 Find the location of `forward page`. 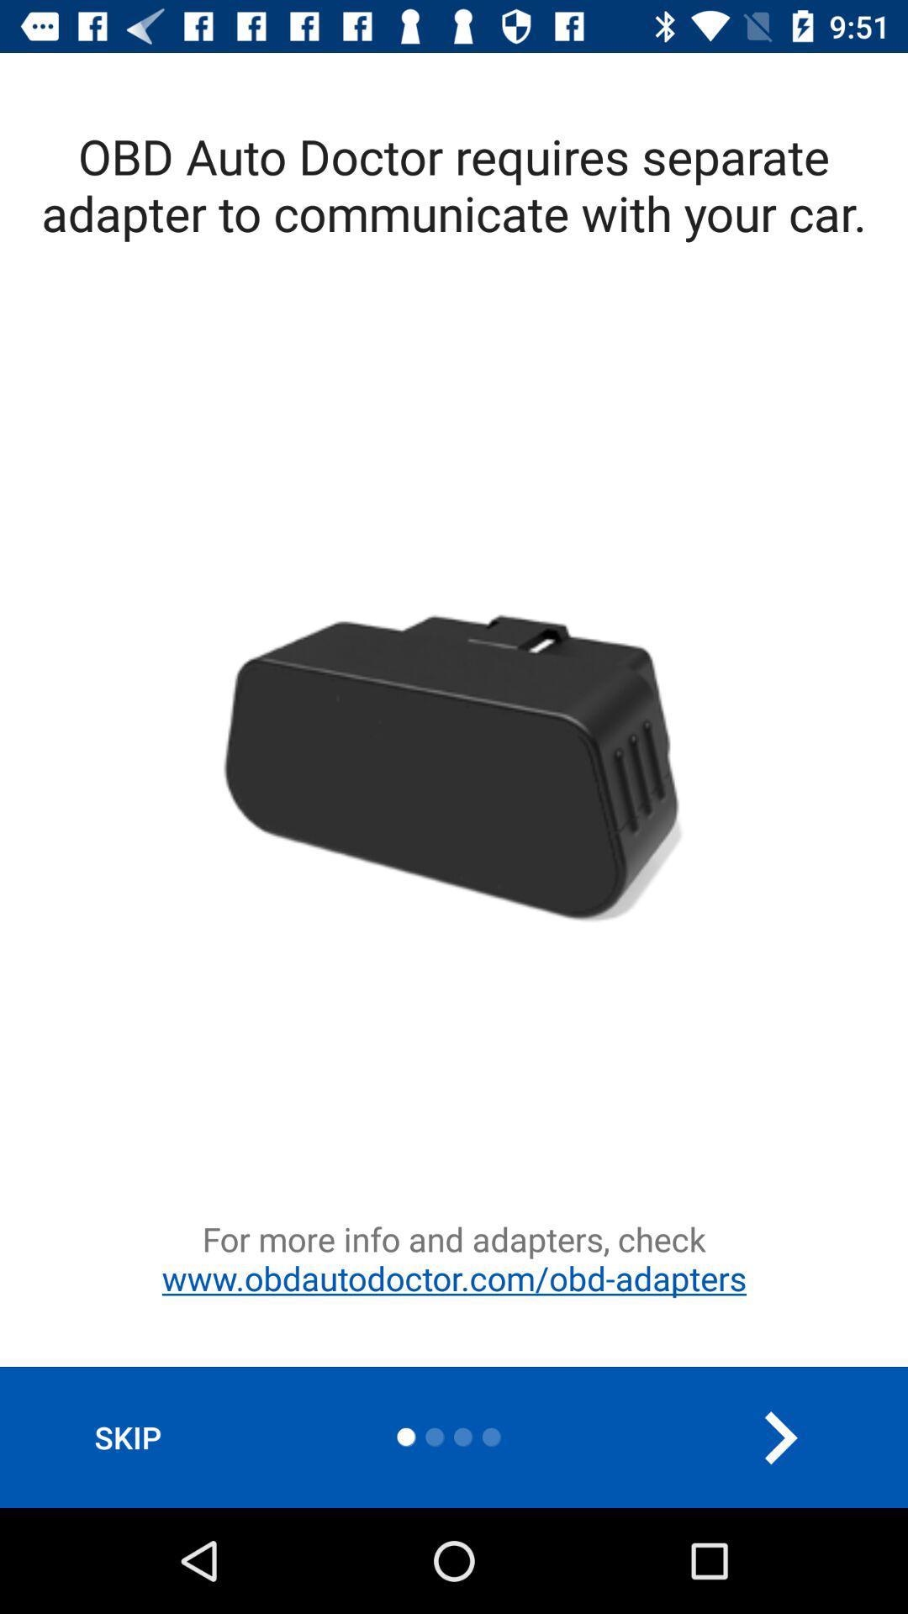

forward page is located at coordinates (779, 1437).